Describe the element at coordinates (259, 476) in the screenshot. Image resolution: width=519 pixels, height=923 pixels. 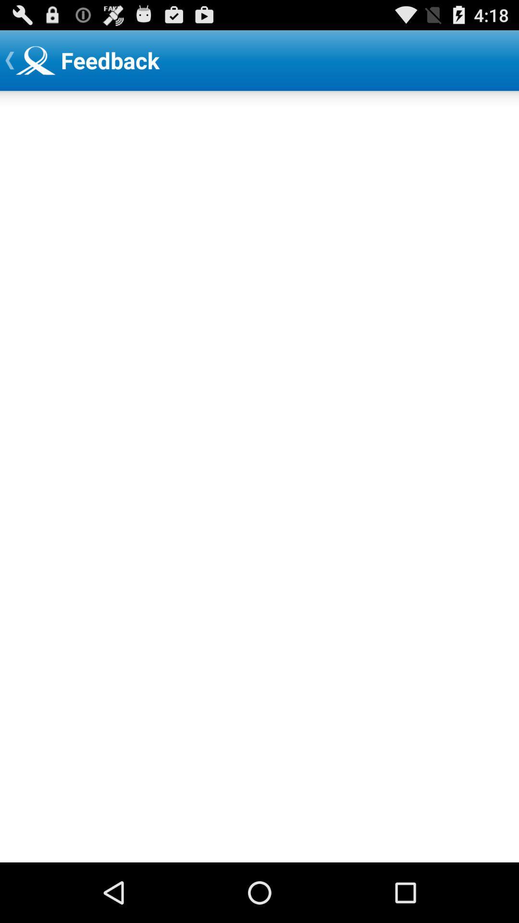
I see `item at the center` at that location.